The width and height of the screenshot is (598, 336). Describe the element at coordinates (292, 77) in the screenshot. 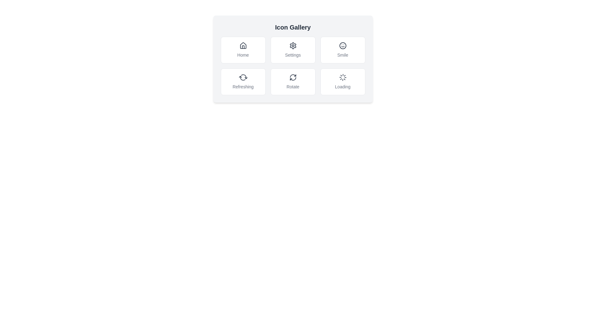

I see `the circular icon depicting a clockwise rotation arrow located above the text 'Rotate'` at that location.